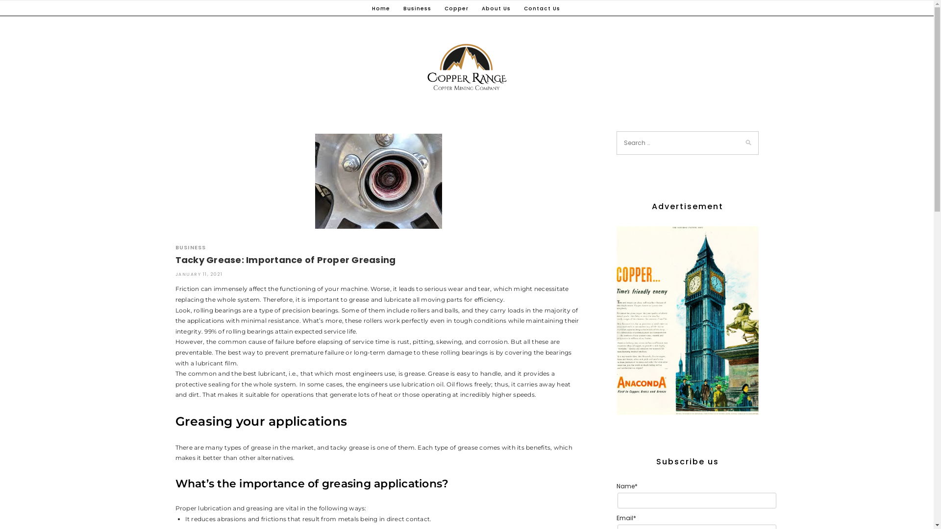  What do you see at coordinates (495, 8) in the screenshot?
I see `'About Us'` at bounding box center [495, 8].